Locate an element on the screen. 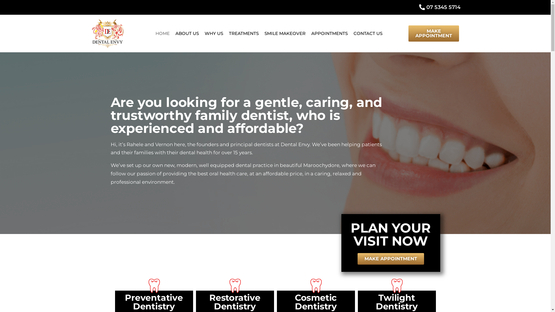  'SMILE MAKEOVER' is located at coordinates (285, 33).